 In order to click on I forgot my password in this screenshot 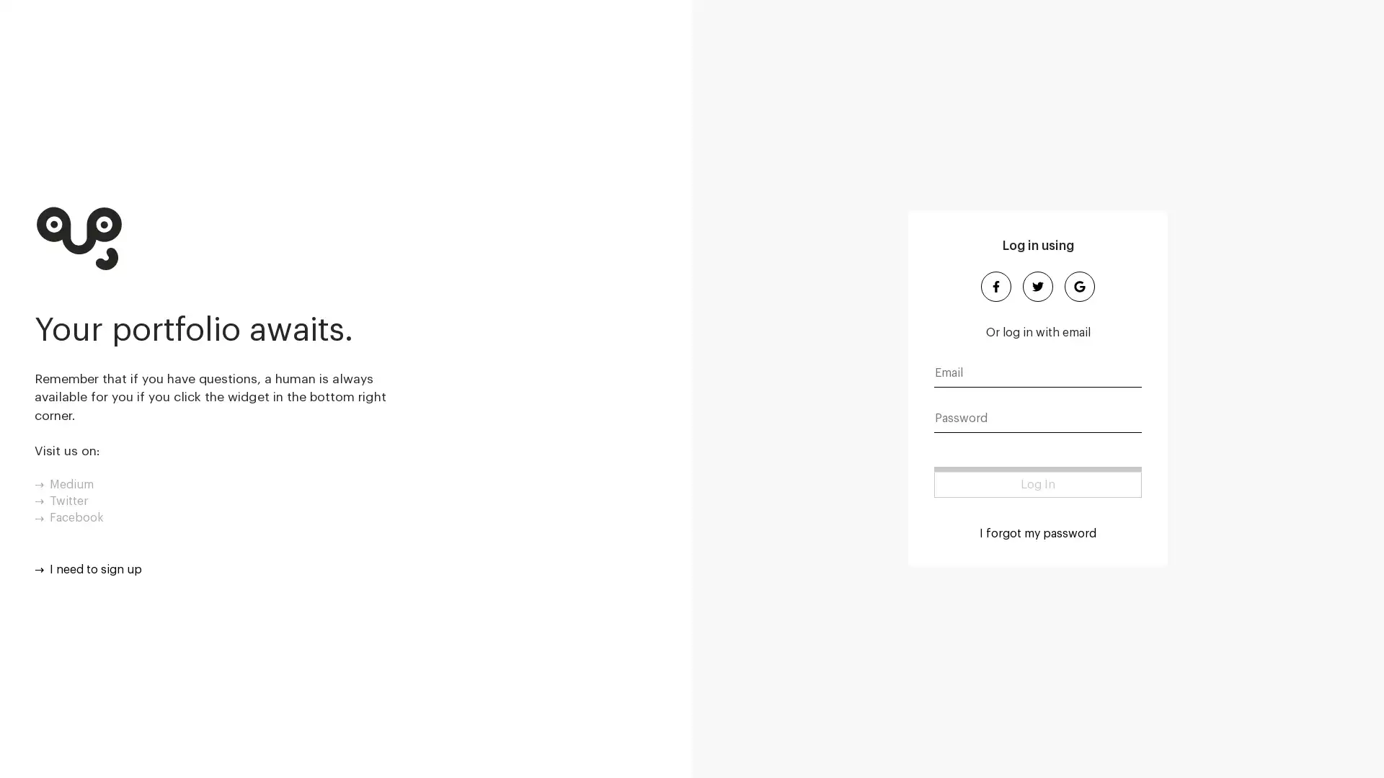, I will do `click(1038, 533)`.